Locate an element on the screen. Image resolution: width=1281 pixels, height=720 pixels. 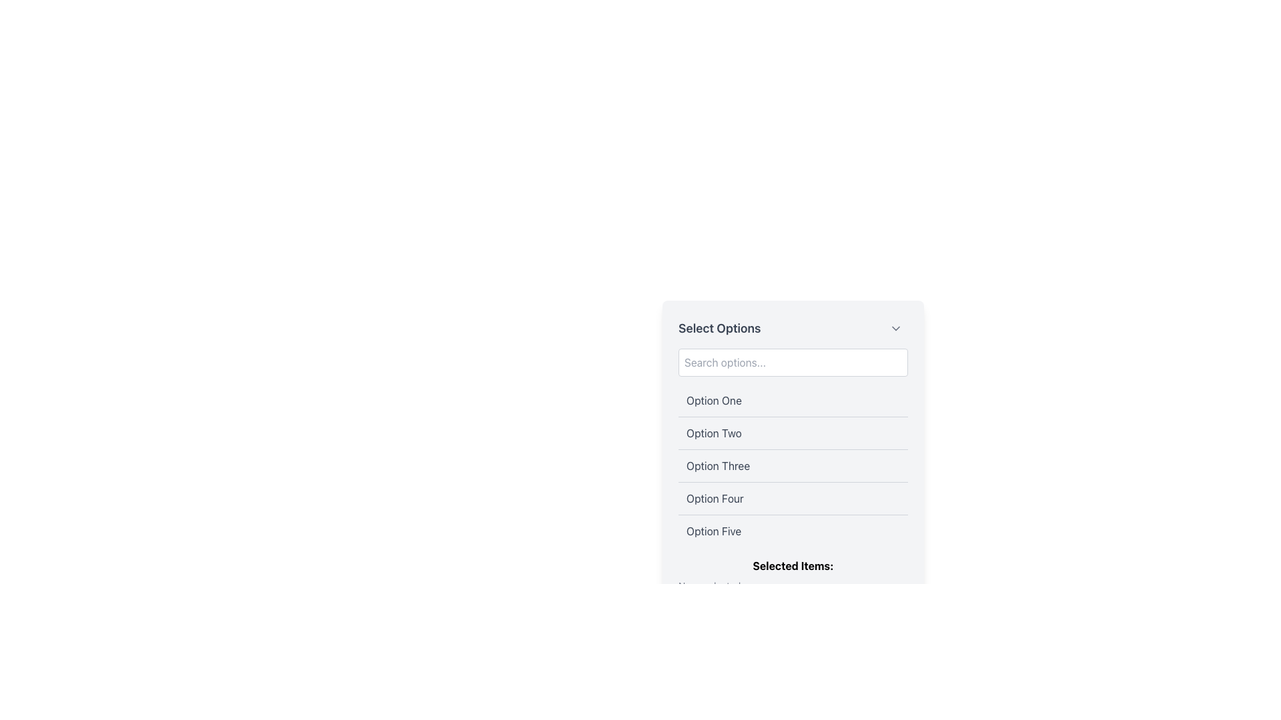
the first selectable label in the dropdown list under the title 'Select Options' is located at coordinates (713, 400).